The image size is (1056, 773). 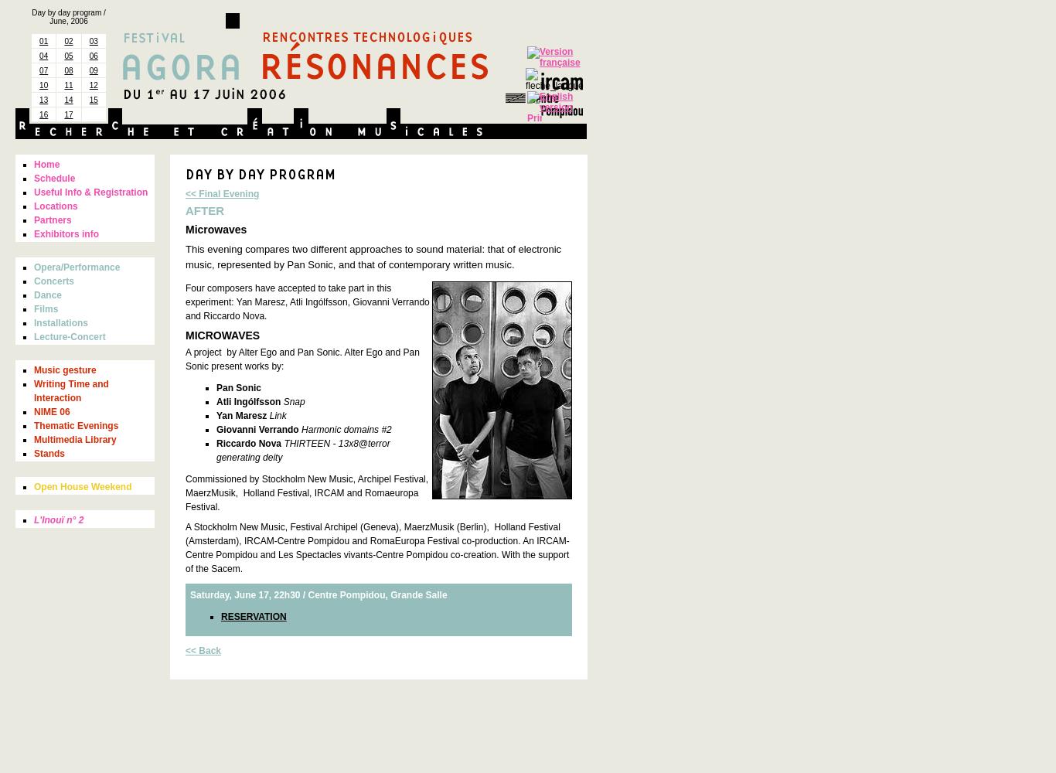 I want to click on 'Microwaves', so click(x=216, y=230).